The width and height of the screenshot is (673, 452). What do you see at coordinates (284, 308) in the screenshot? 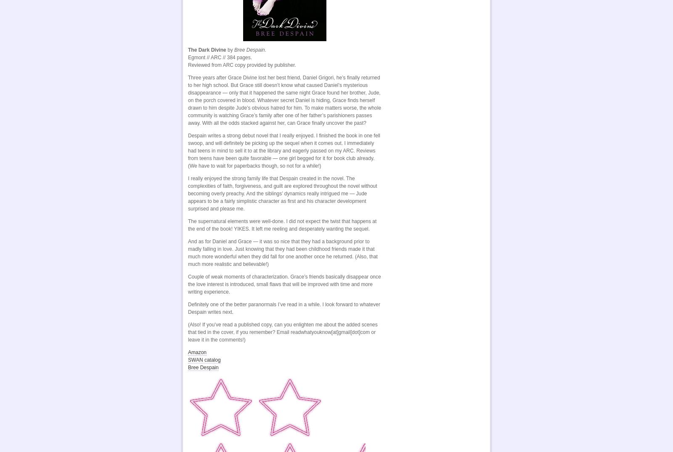
I see `'Definitely one of the better paranormals I’ve read in a while. I look forward to whatever Despain writes next.'` at bounding box center [284, 308].